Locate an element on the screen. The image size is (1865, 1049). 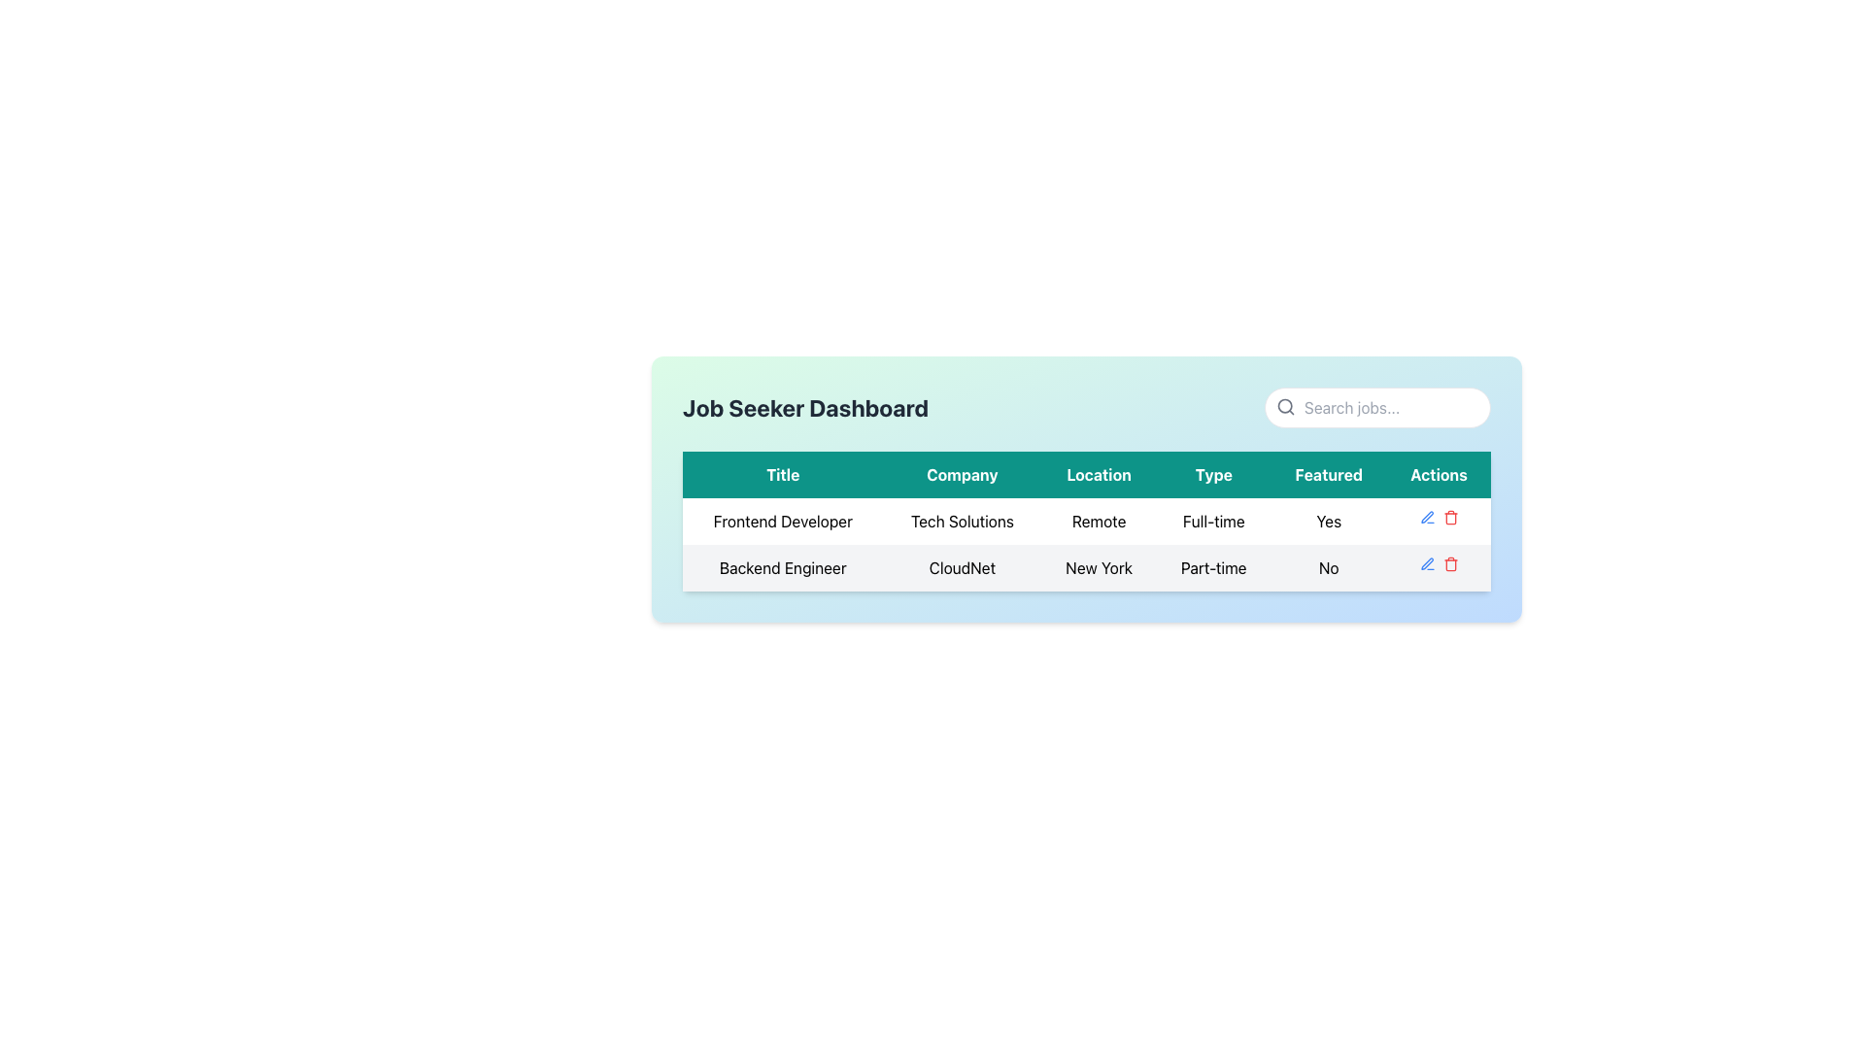
the text label displaying 'CloudNet' in black font, located in the second row under the 'Company' column of the table is located at coordinates (962, 568).